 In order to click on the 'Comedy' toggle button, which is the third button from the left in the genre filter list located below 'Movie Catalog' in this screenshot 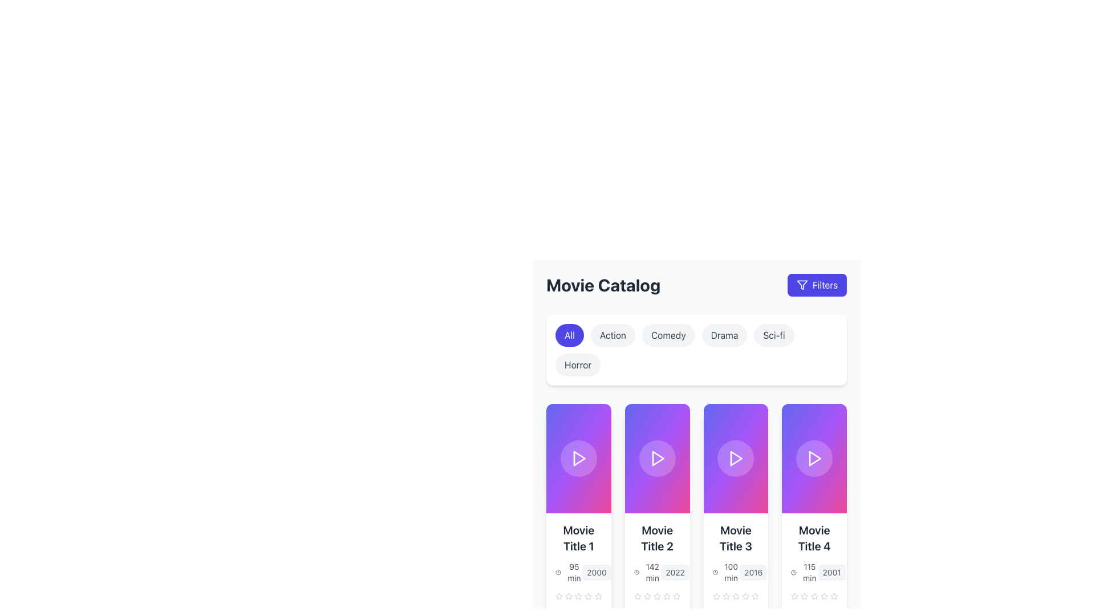, I will do `click(668, 334)`.